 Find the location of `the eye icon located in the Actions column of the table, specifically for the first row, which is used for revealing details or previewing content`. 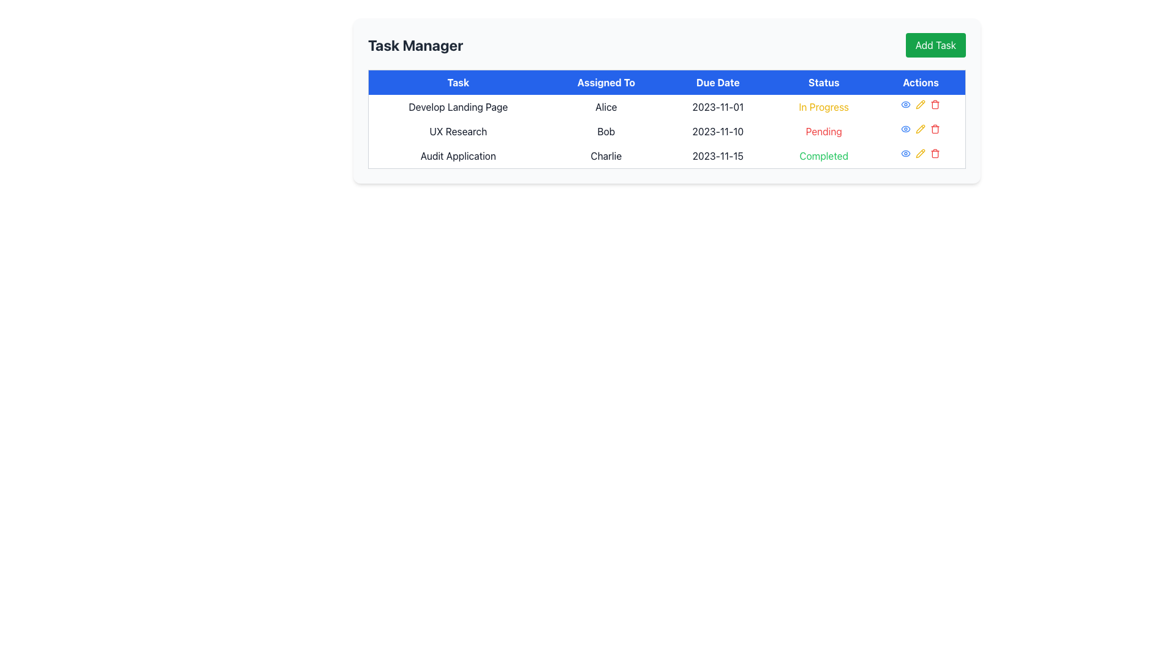

the eye icon located in the Actions column of the table, specifically for the first row, which is used for revealing details or previewing content is located at coordinates (906, 129).